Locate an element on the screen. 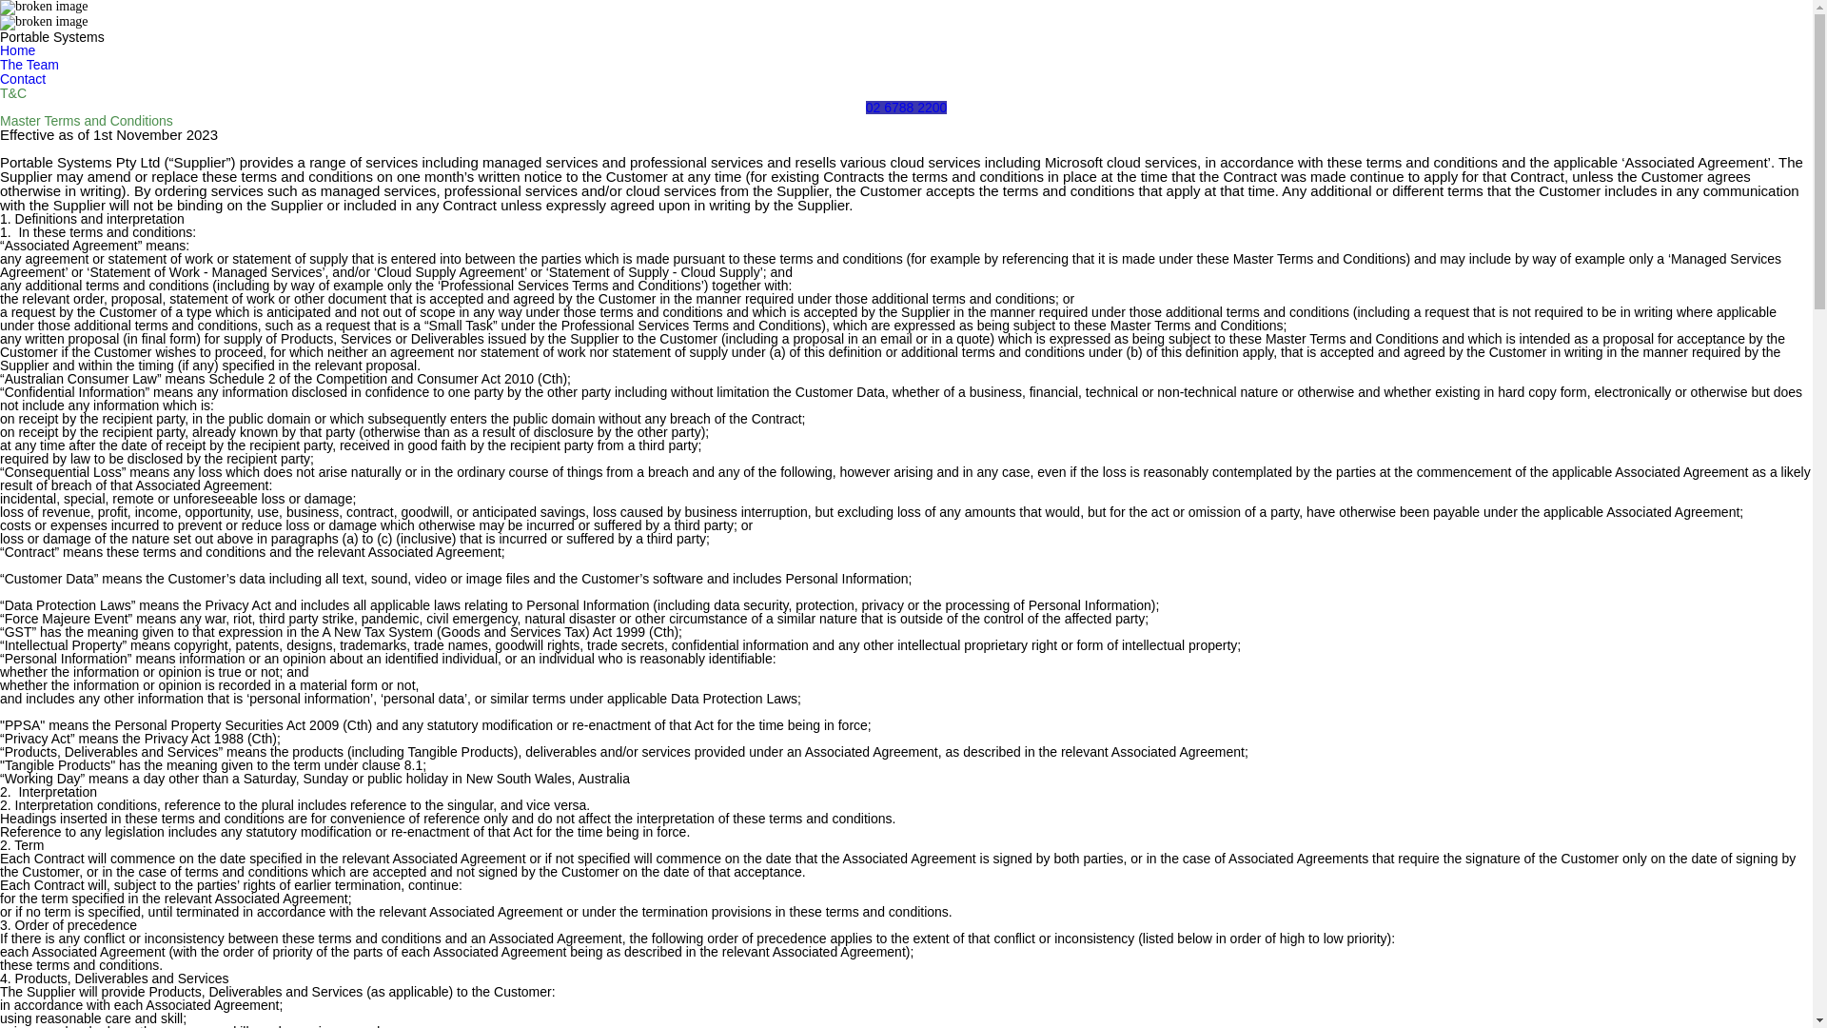 Image resolution: width=1827 pixels, height=1028 pixels. 'T&C' is located at coordinates (0, 93).